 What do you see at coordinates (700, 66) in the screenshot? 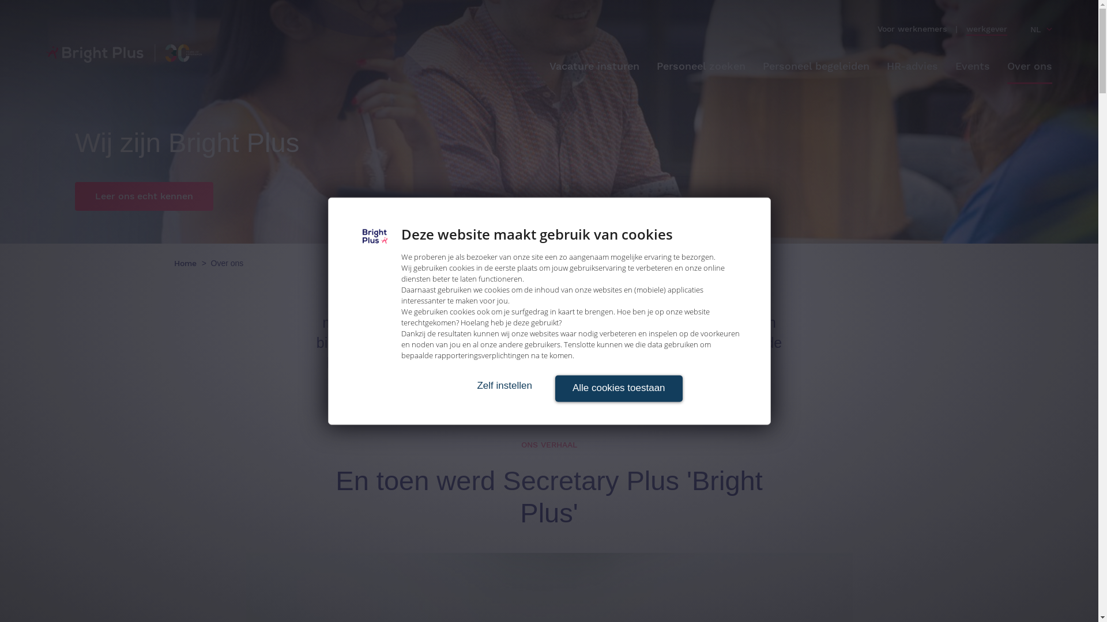
I see `'Personeel zoeken'` at bounding box center [700, 66].